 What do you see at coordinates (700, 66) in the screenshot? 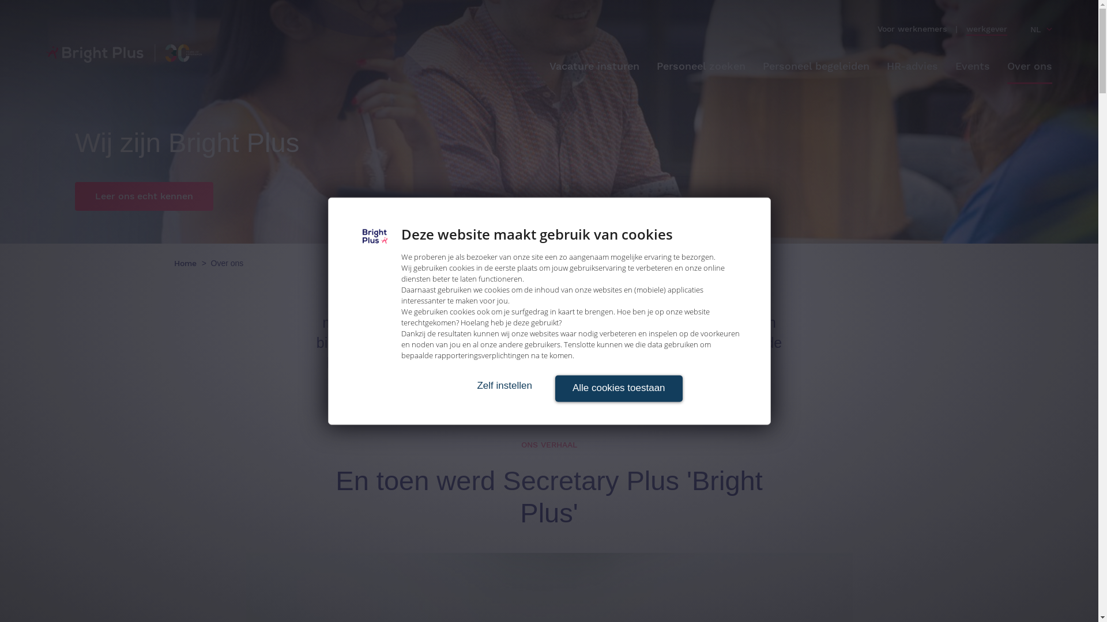
I see `'Personeel zoeken'` at bounding box center [700, 66].